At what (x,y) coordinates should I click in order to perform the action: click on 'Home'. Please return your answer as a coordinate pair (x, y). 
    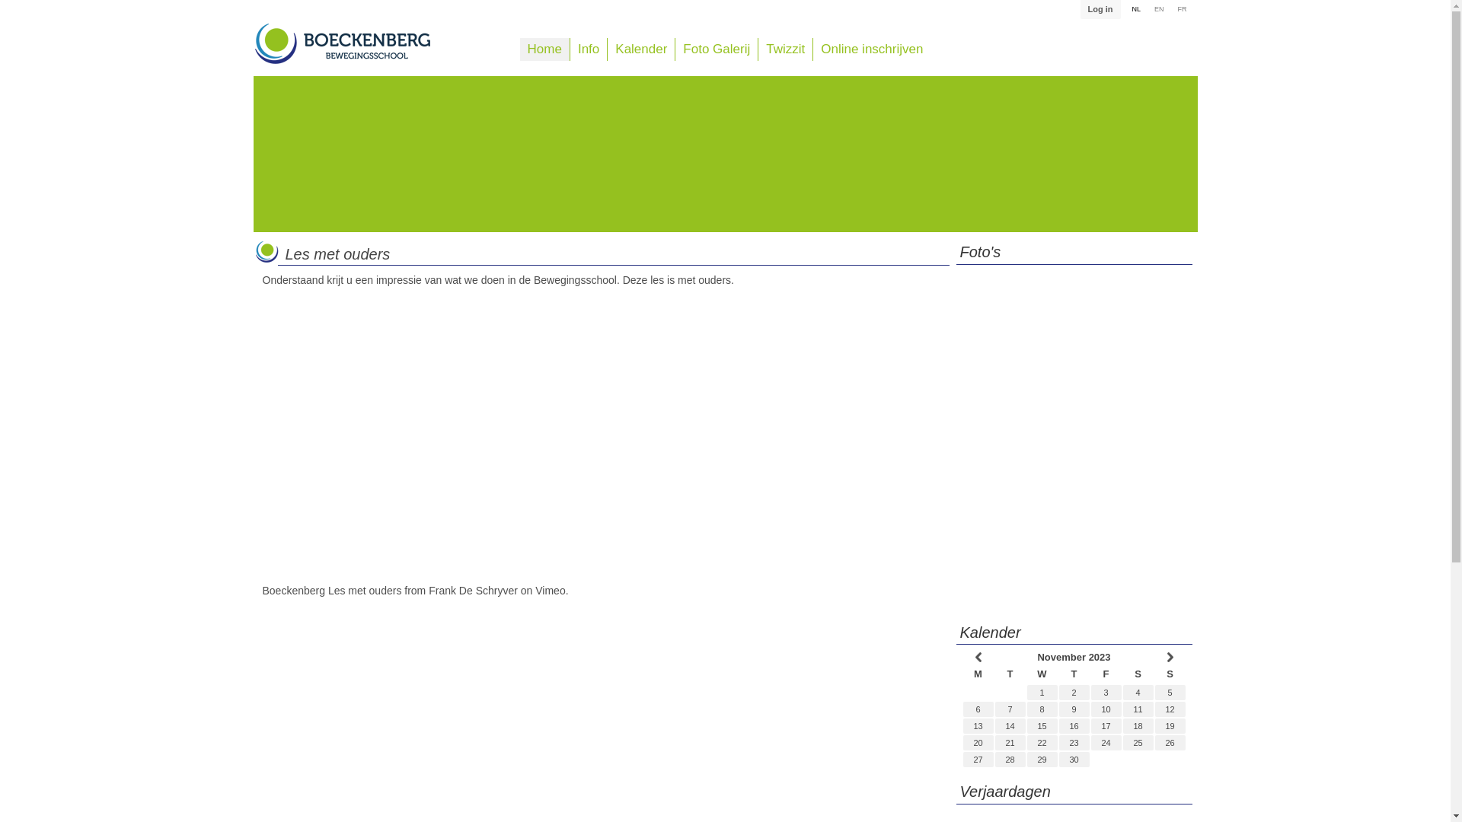
    Looking at the image, I should click on (544, 49).